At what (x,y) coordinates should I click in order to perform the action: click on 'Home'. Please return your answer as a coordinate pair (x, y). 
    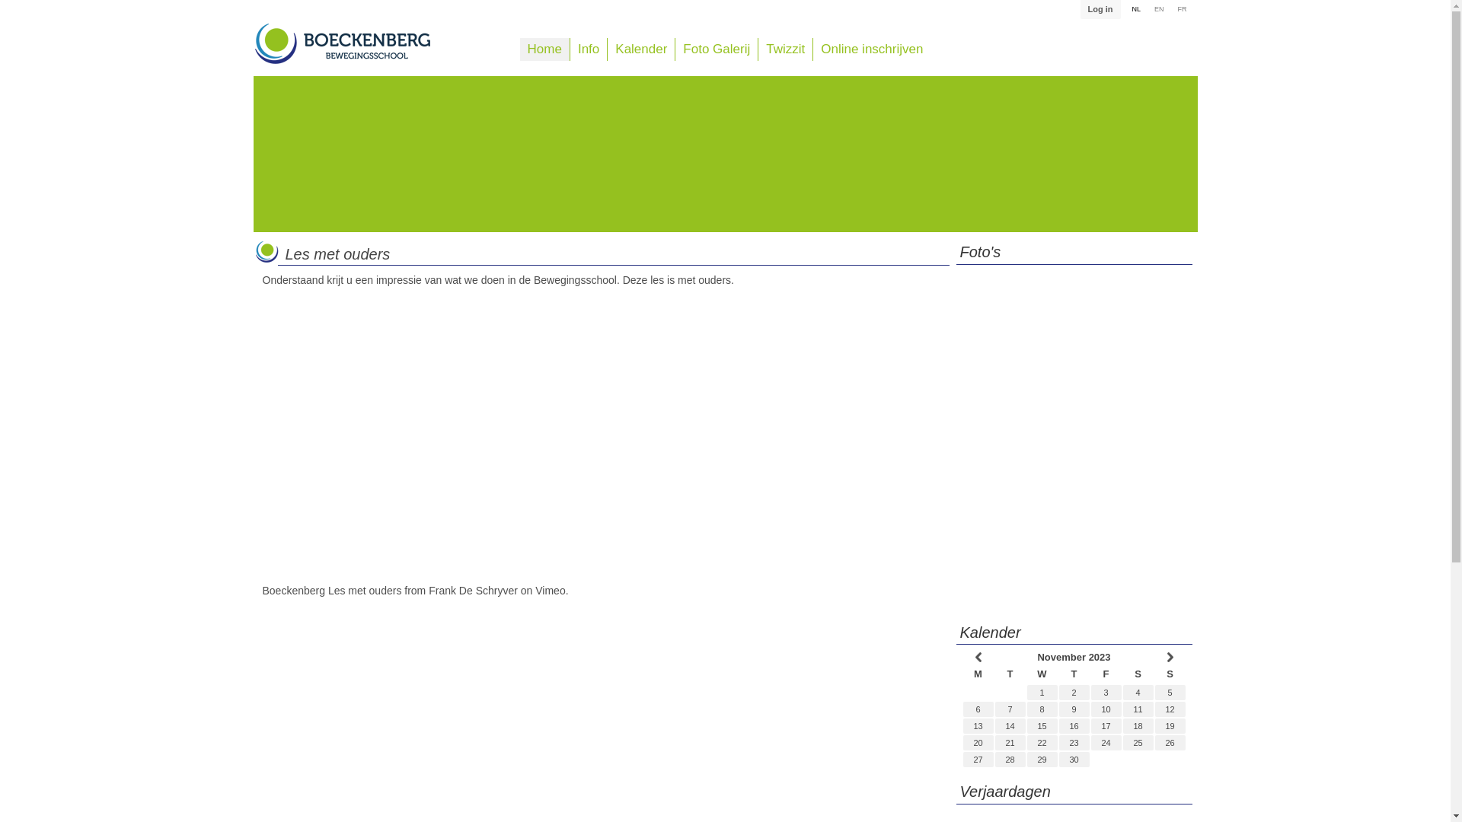
    Looking at the image, I should click on (544, 49).